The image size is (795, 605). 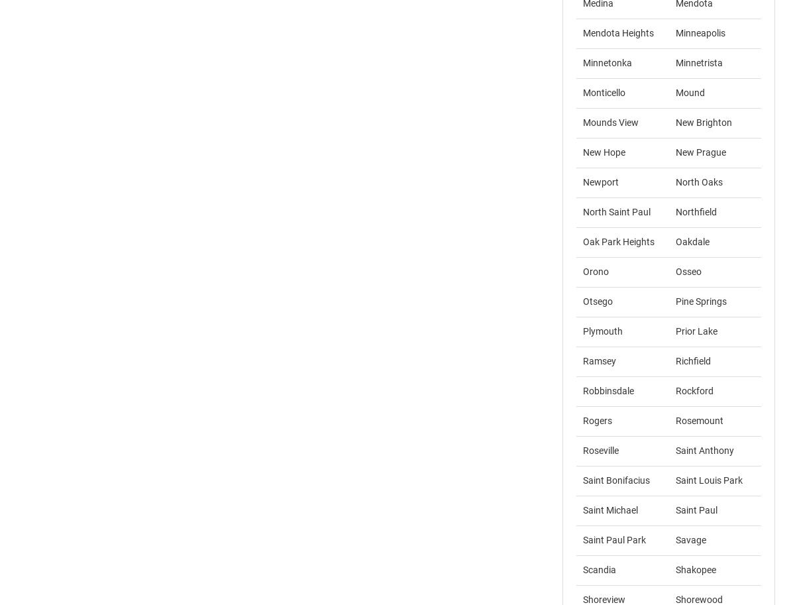 I want to click on 'Rockford', so click(x=694, y=390).